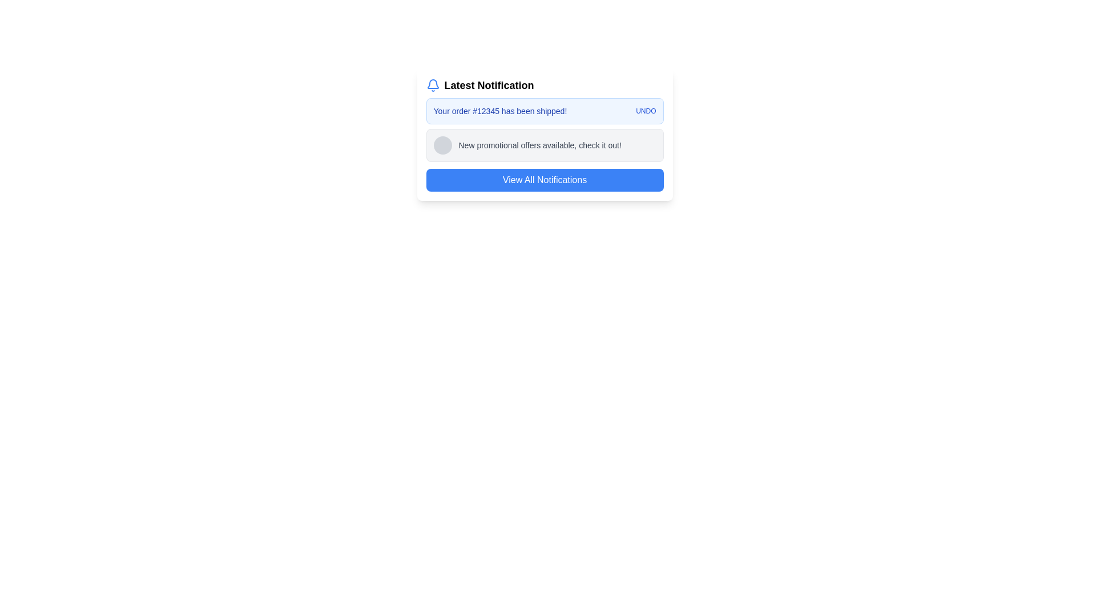  I want to click on the notification icon located in the top-left corner of the 'Latest Notification' box, which serves as a visual indicator for notifications, so click(432, 85).